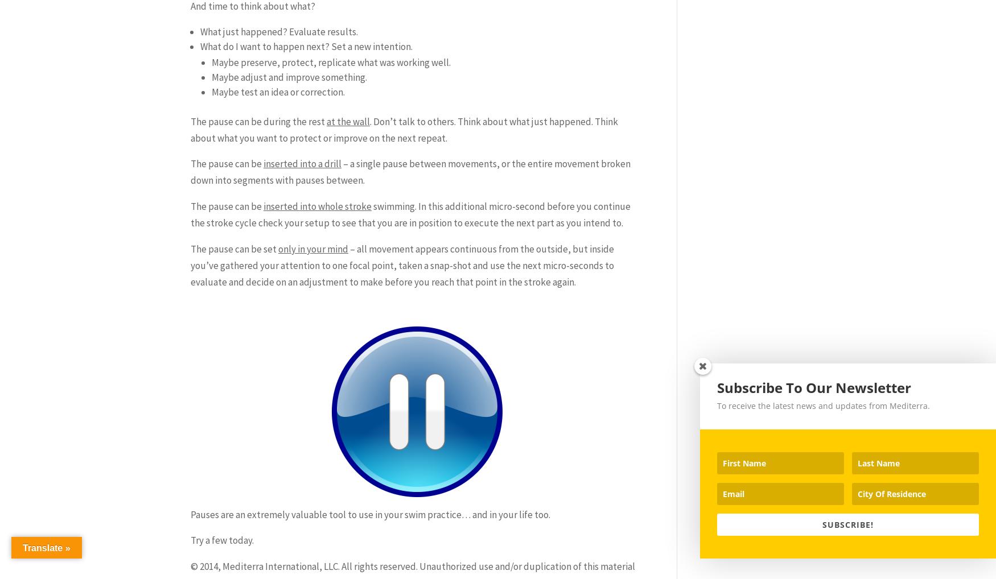  What do you see at coordinates (221, 539) in the screenshot?
I see `'Try a few today.'` at bounding box center [221, 539].